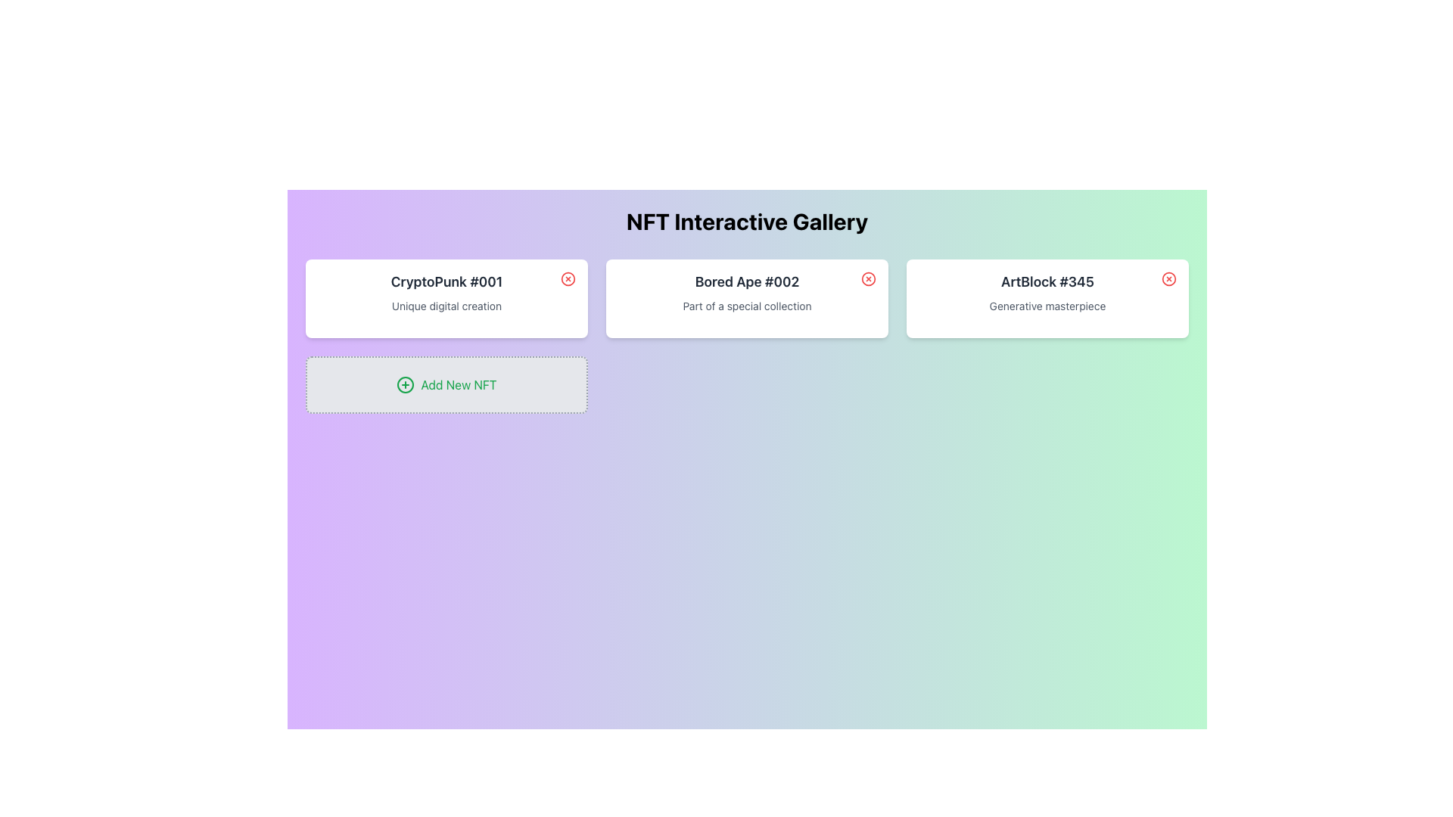 The height and width of the screenshot is (817, 1453). I want to click on the Text Label that provides additional information about the card item 'ArtBlock #345', which is located at the bottom section of the card and centered horizontally below the title text, so click(1047, 306).